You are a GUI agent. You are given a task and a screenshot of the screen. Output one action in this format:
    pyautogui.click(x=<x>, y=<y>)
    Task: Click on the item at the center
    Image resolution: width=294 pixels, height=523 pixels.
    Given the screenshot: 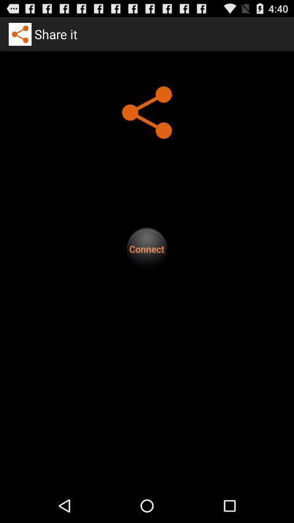 What is the action you would take?
    pyautogui.click(x=147, y=248)
    